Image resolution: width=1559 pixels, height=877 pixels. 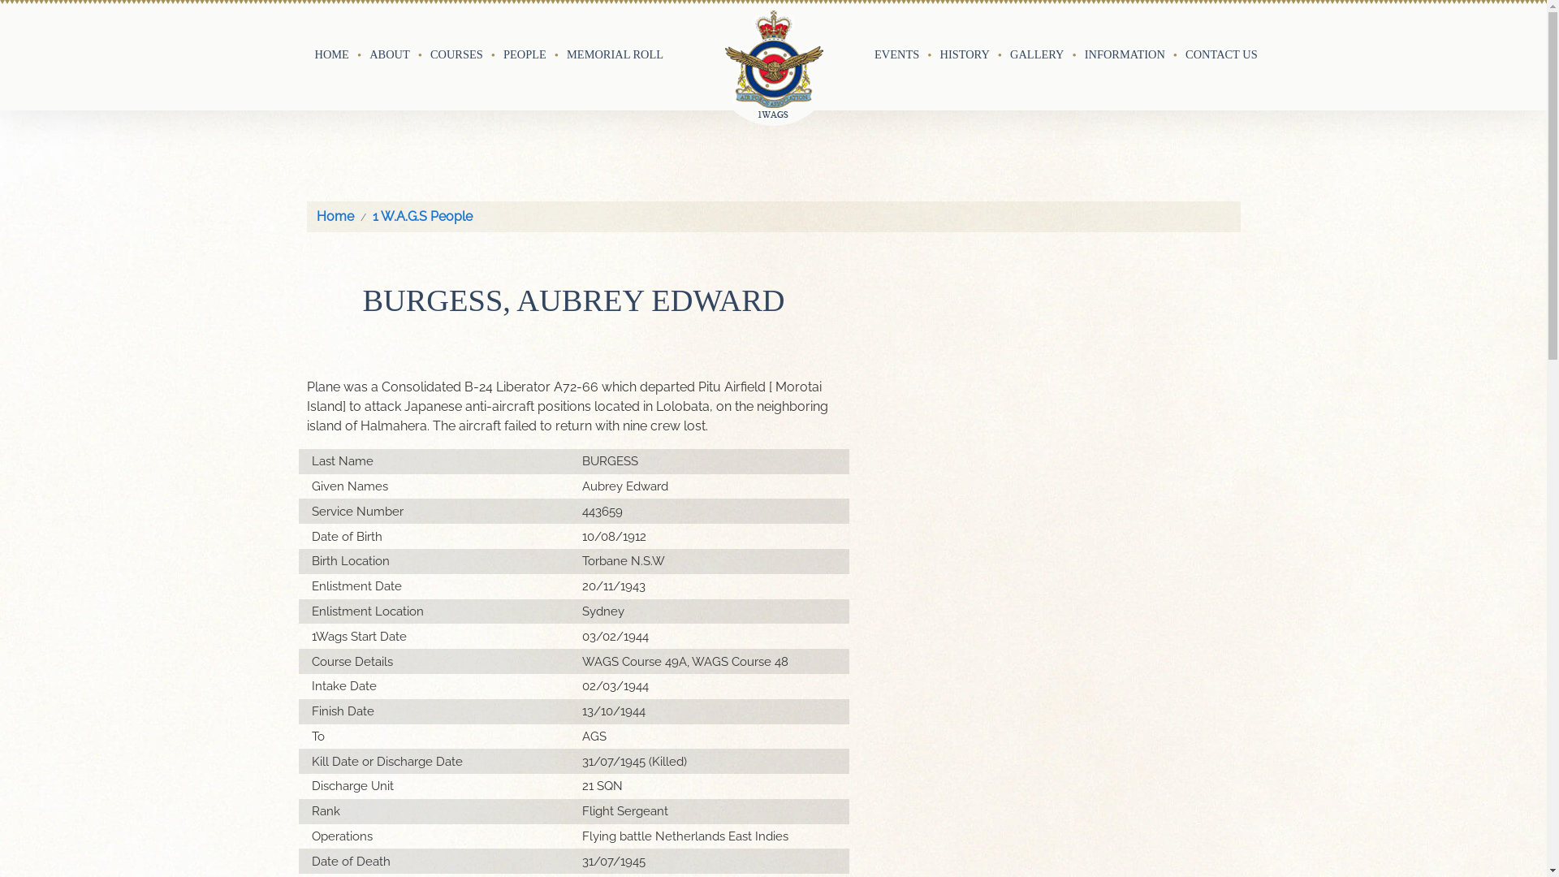 What do you see at coordinates (456, 54) in the screenshot?
I see `'COURSES'` at bounding box center [456, 54].